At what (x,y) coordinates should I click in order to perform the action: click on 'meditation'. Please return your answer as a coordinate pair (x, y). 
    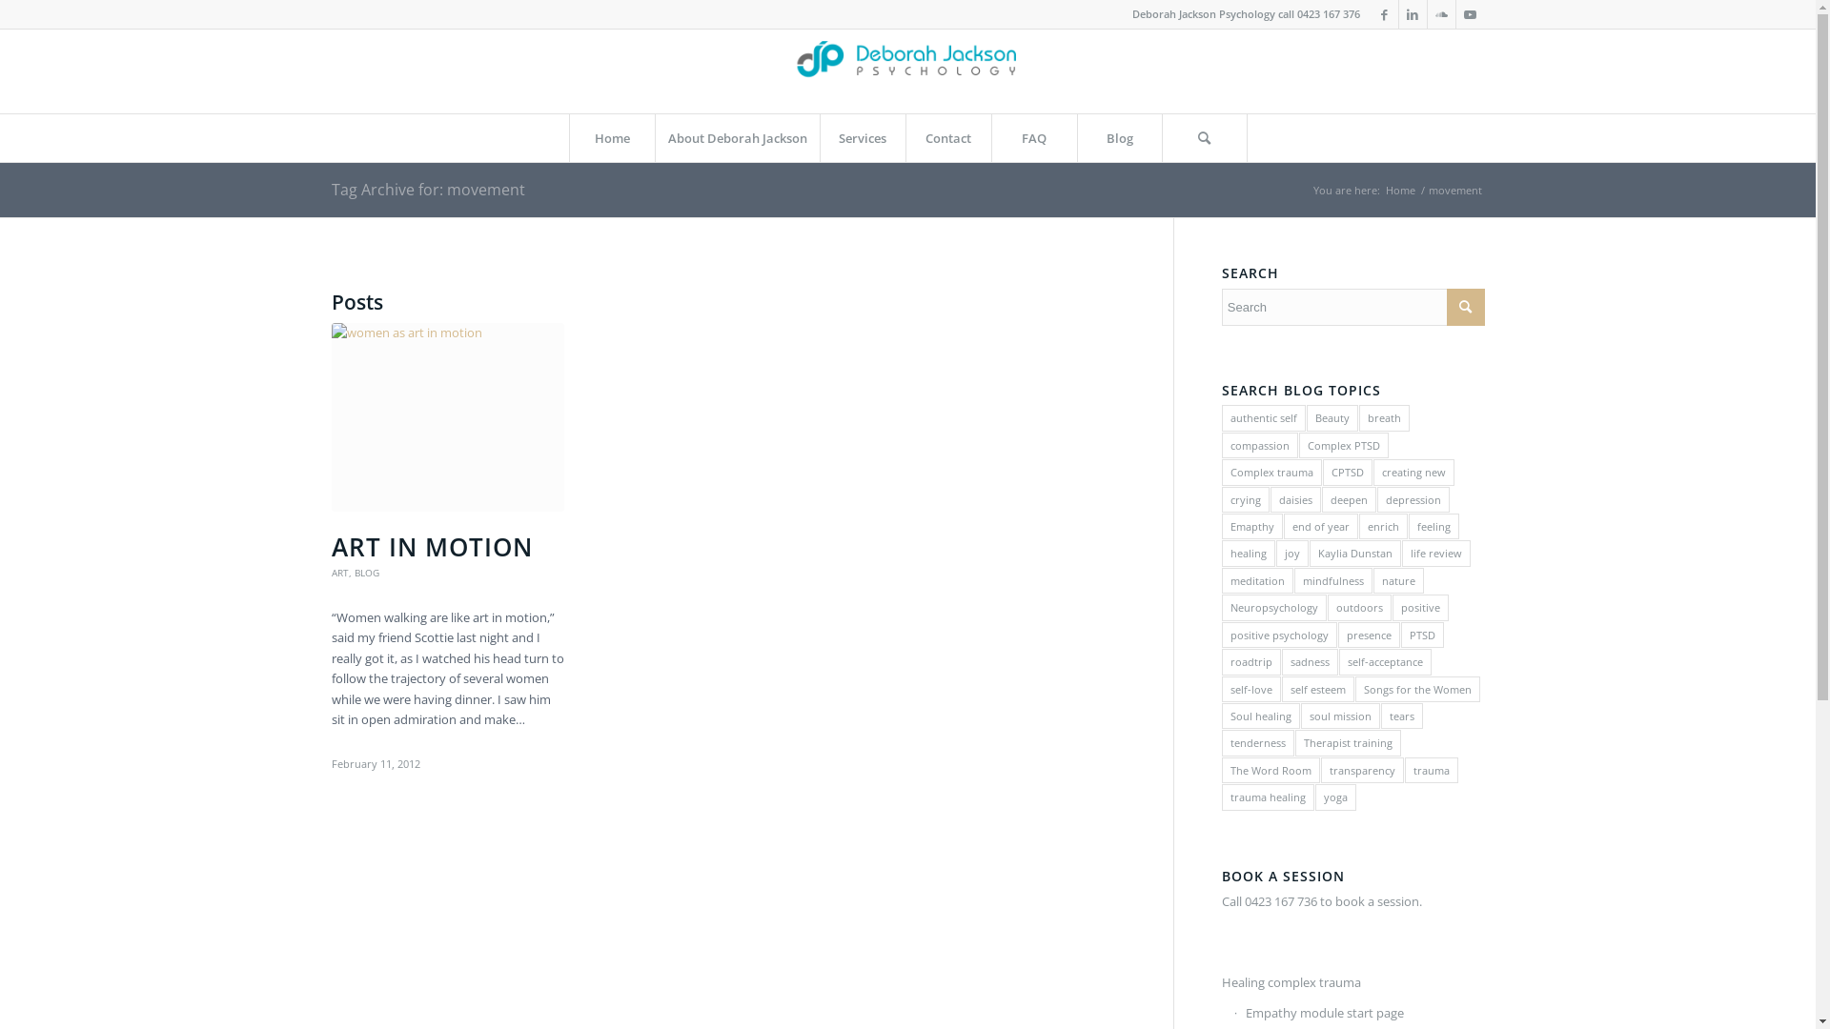
    Looking at the image, I should click on (1257, 579).